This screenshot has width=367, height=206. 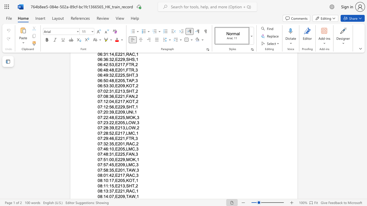 What do you see at coordinates (102, 196) in the screenshot?
I see `the space between the continuous character "8" and ":" in the text` at bounding box center [102, 196].